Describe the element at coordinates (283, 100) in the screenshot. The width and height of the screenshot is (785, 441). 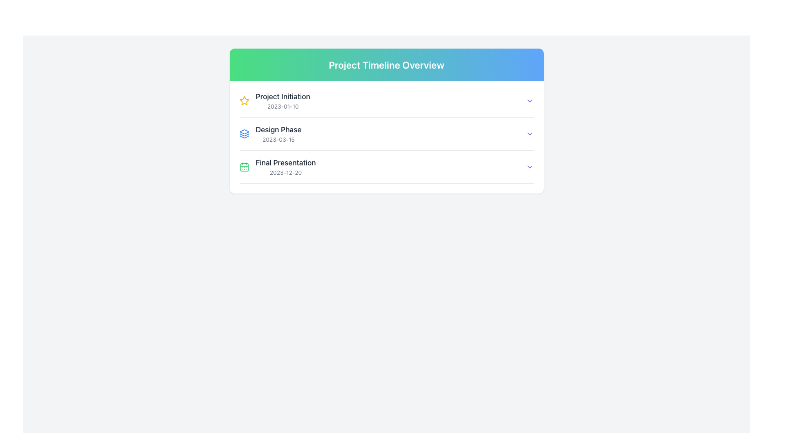
I see `the 'Project Initiation' text display, which shows the date '2023-01-10'` at that location.